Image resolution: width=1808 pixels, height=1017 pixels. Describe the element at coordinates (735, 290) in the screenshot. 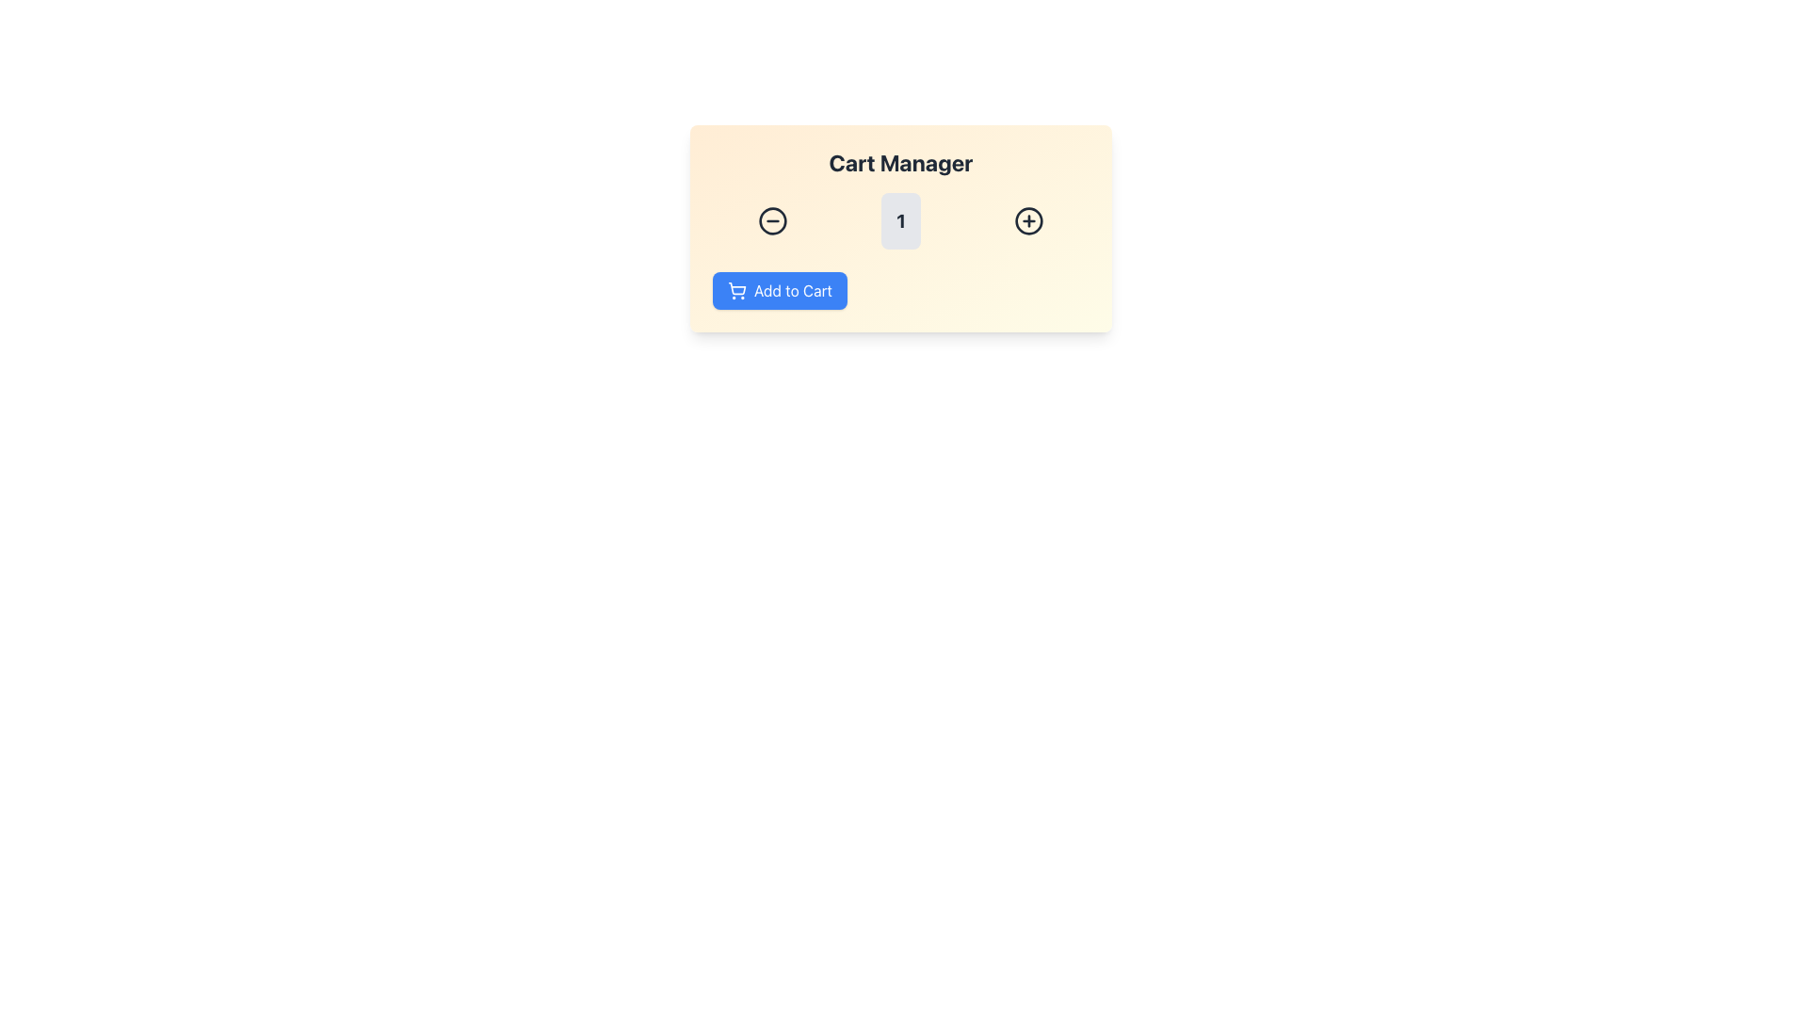

I see `the 'Add to Cart' icon located within the button labeled 'Add to Cart' in the 'Cart Manager'` at that location.